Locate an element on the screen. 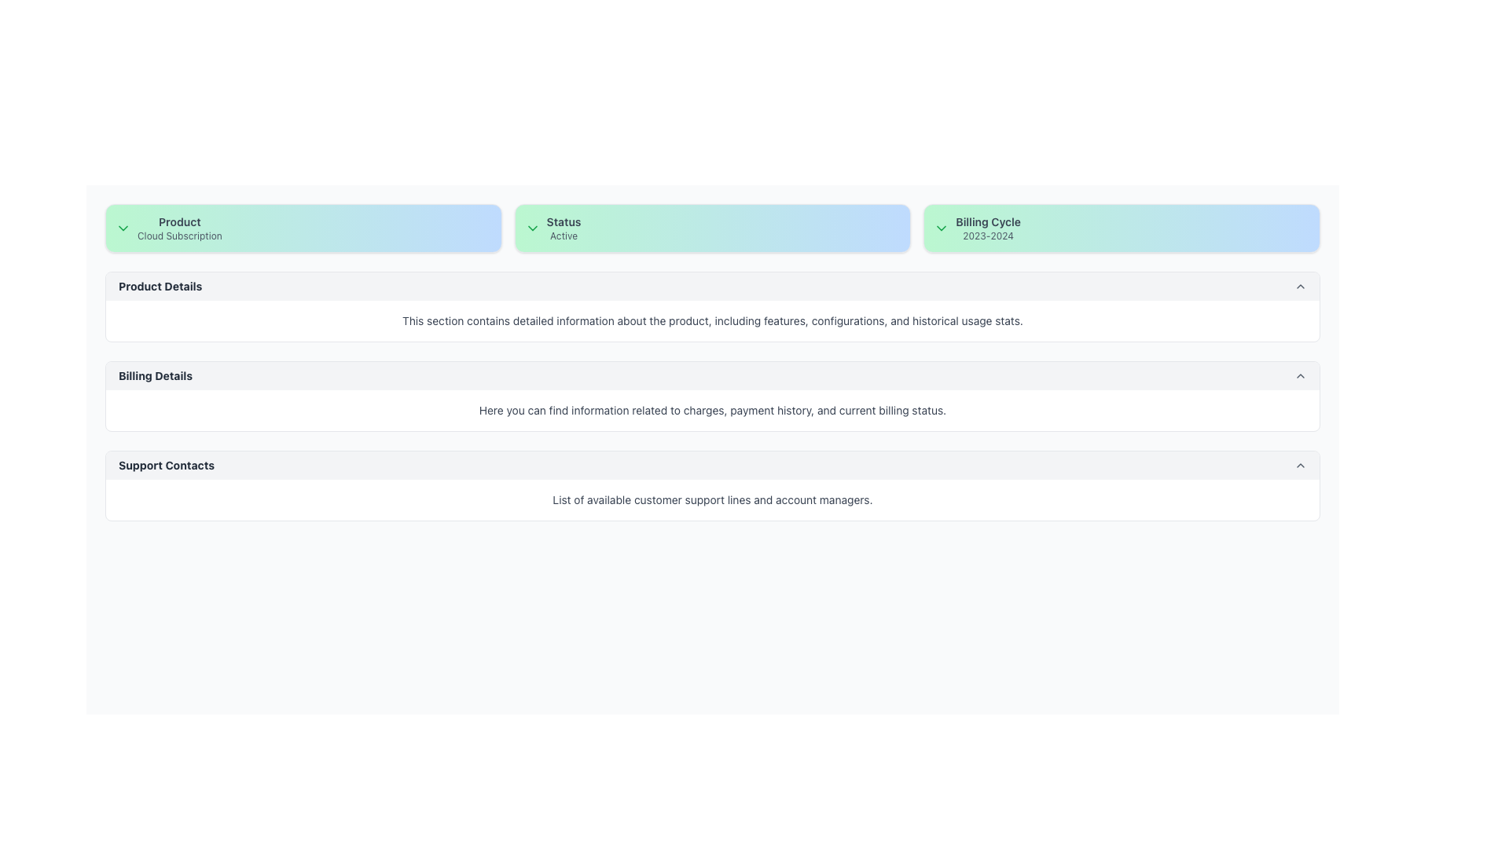 The width and height of the screenshot is (1509, 848). the descriptive text label located directly below the 'Product' label in the top-left corner of the interface is located at coordinates (179, 236).